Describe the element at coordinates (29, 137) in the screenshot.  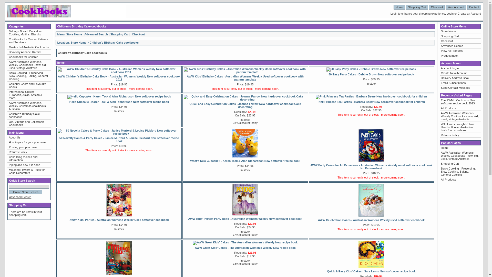
I see `'About Us'` at that location.